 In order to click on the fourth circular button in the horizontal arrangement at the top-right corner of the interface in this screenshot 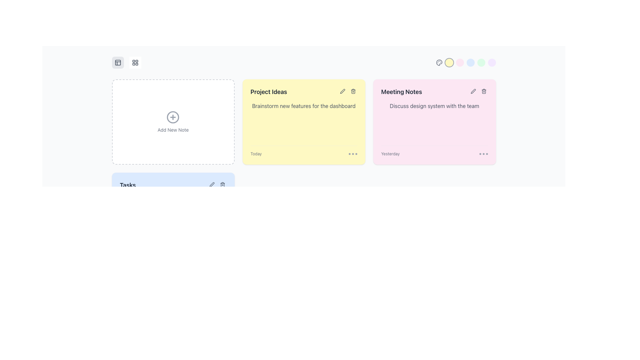, I will do `click(470, 63)`.